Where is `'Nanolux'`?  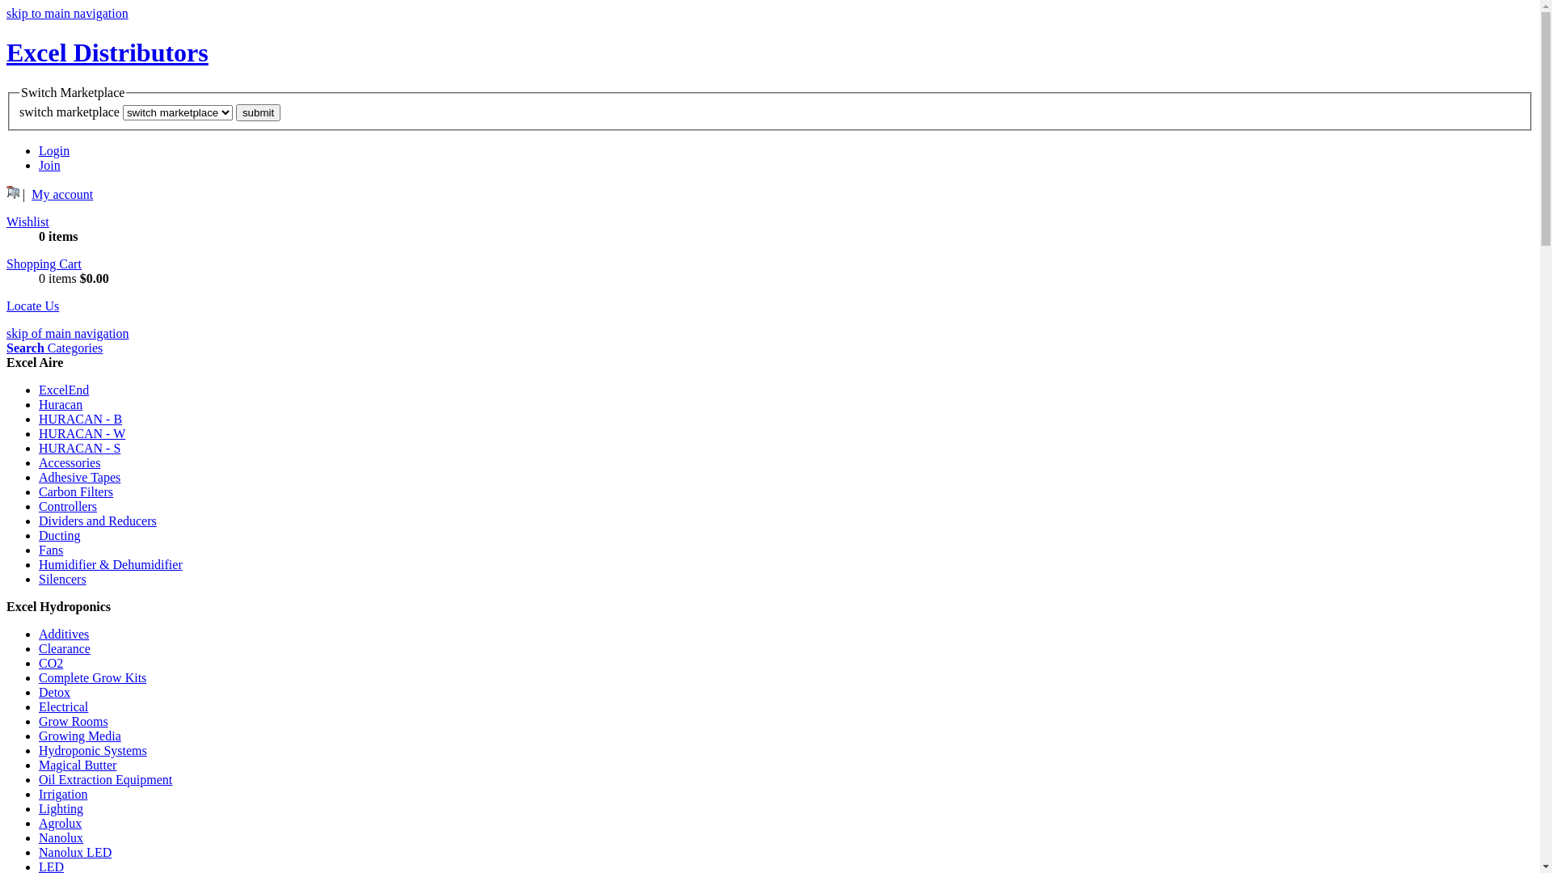 'Nanolux' is located at coordinates (61, 837).